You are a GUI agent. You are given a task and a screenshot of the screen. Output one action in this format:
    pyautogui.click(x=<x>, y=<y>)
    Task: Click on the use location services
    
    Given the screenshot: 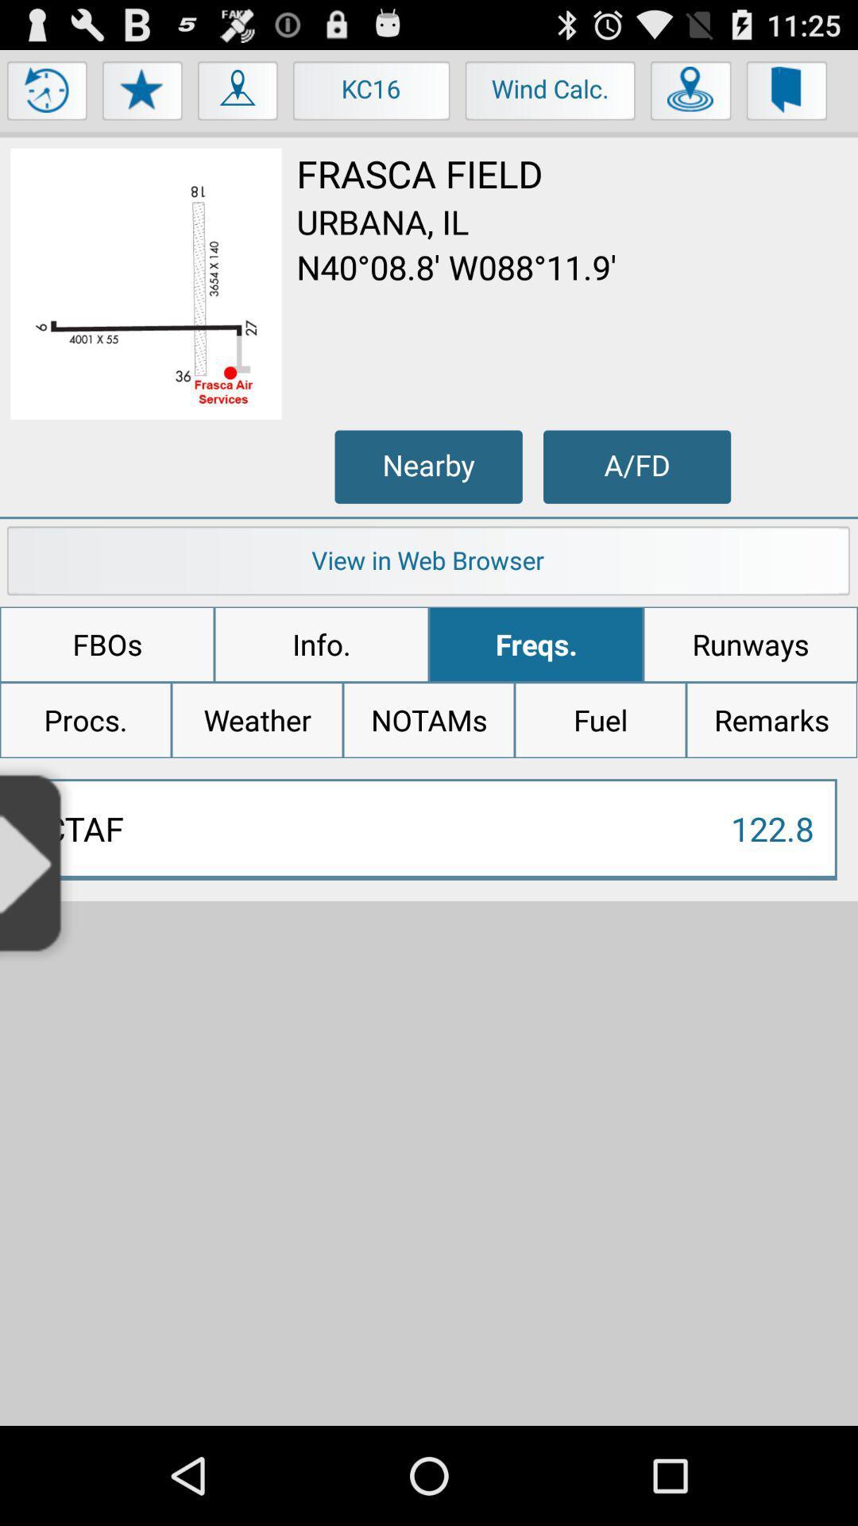 What is the action you would take?
    pyautogui.click(x=690, y=94)
    